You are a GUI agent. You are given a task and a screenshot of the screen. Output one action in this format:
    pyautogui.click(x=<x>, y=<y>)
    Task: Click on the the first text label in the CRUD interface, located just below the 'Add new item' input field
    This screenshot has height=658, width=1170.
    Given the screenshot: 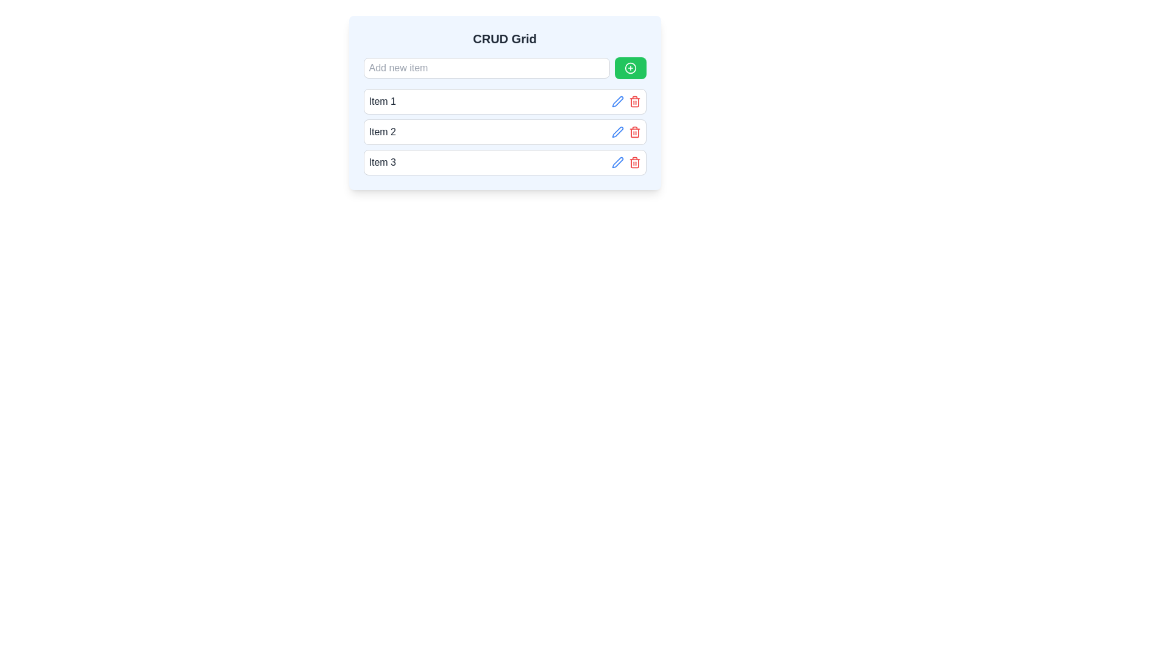 What is the action you would take?
    pyautogui.click(x=381, y=101)
    